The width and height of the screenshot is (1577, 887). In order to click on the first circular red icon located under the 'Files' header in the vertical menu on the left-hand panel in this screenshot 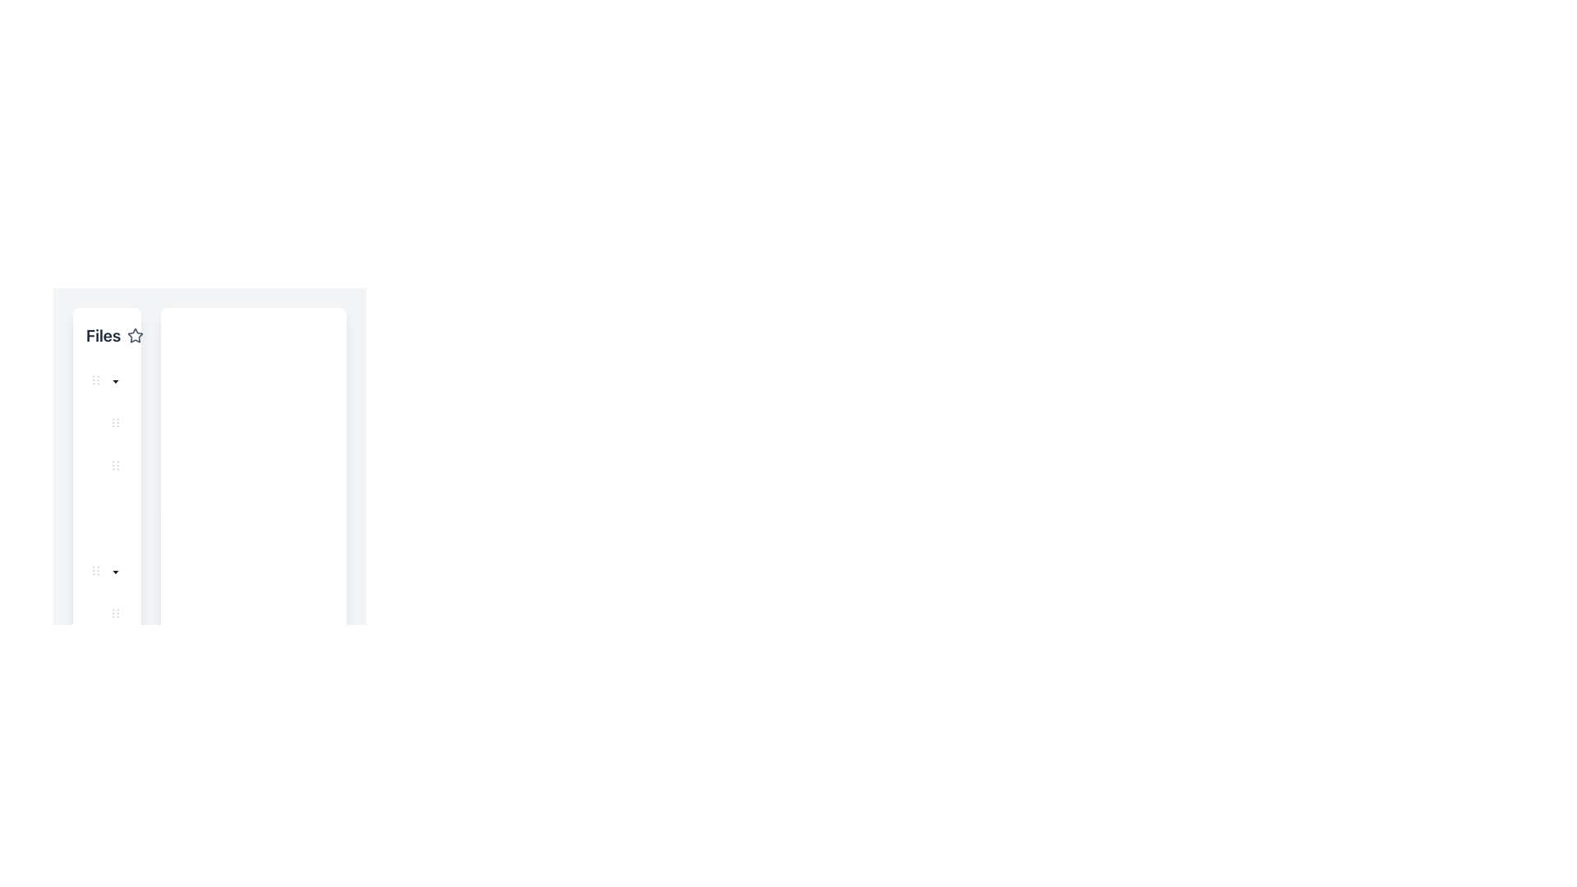, I will do `click(94, 379)`.